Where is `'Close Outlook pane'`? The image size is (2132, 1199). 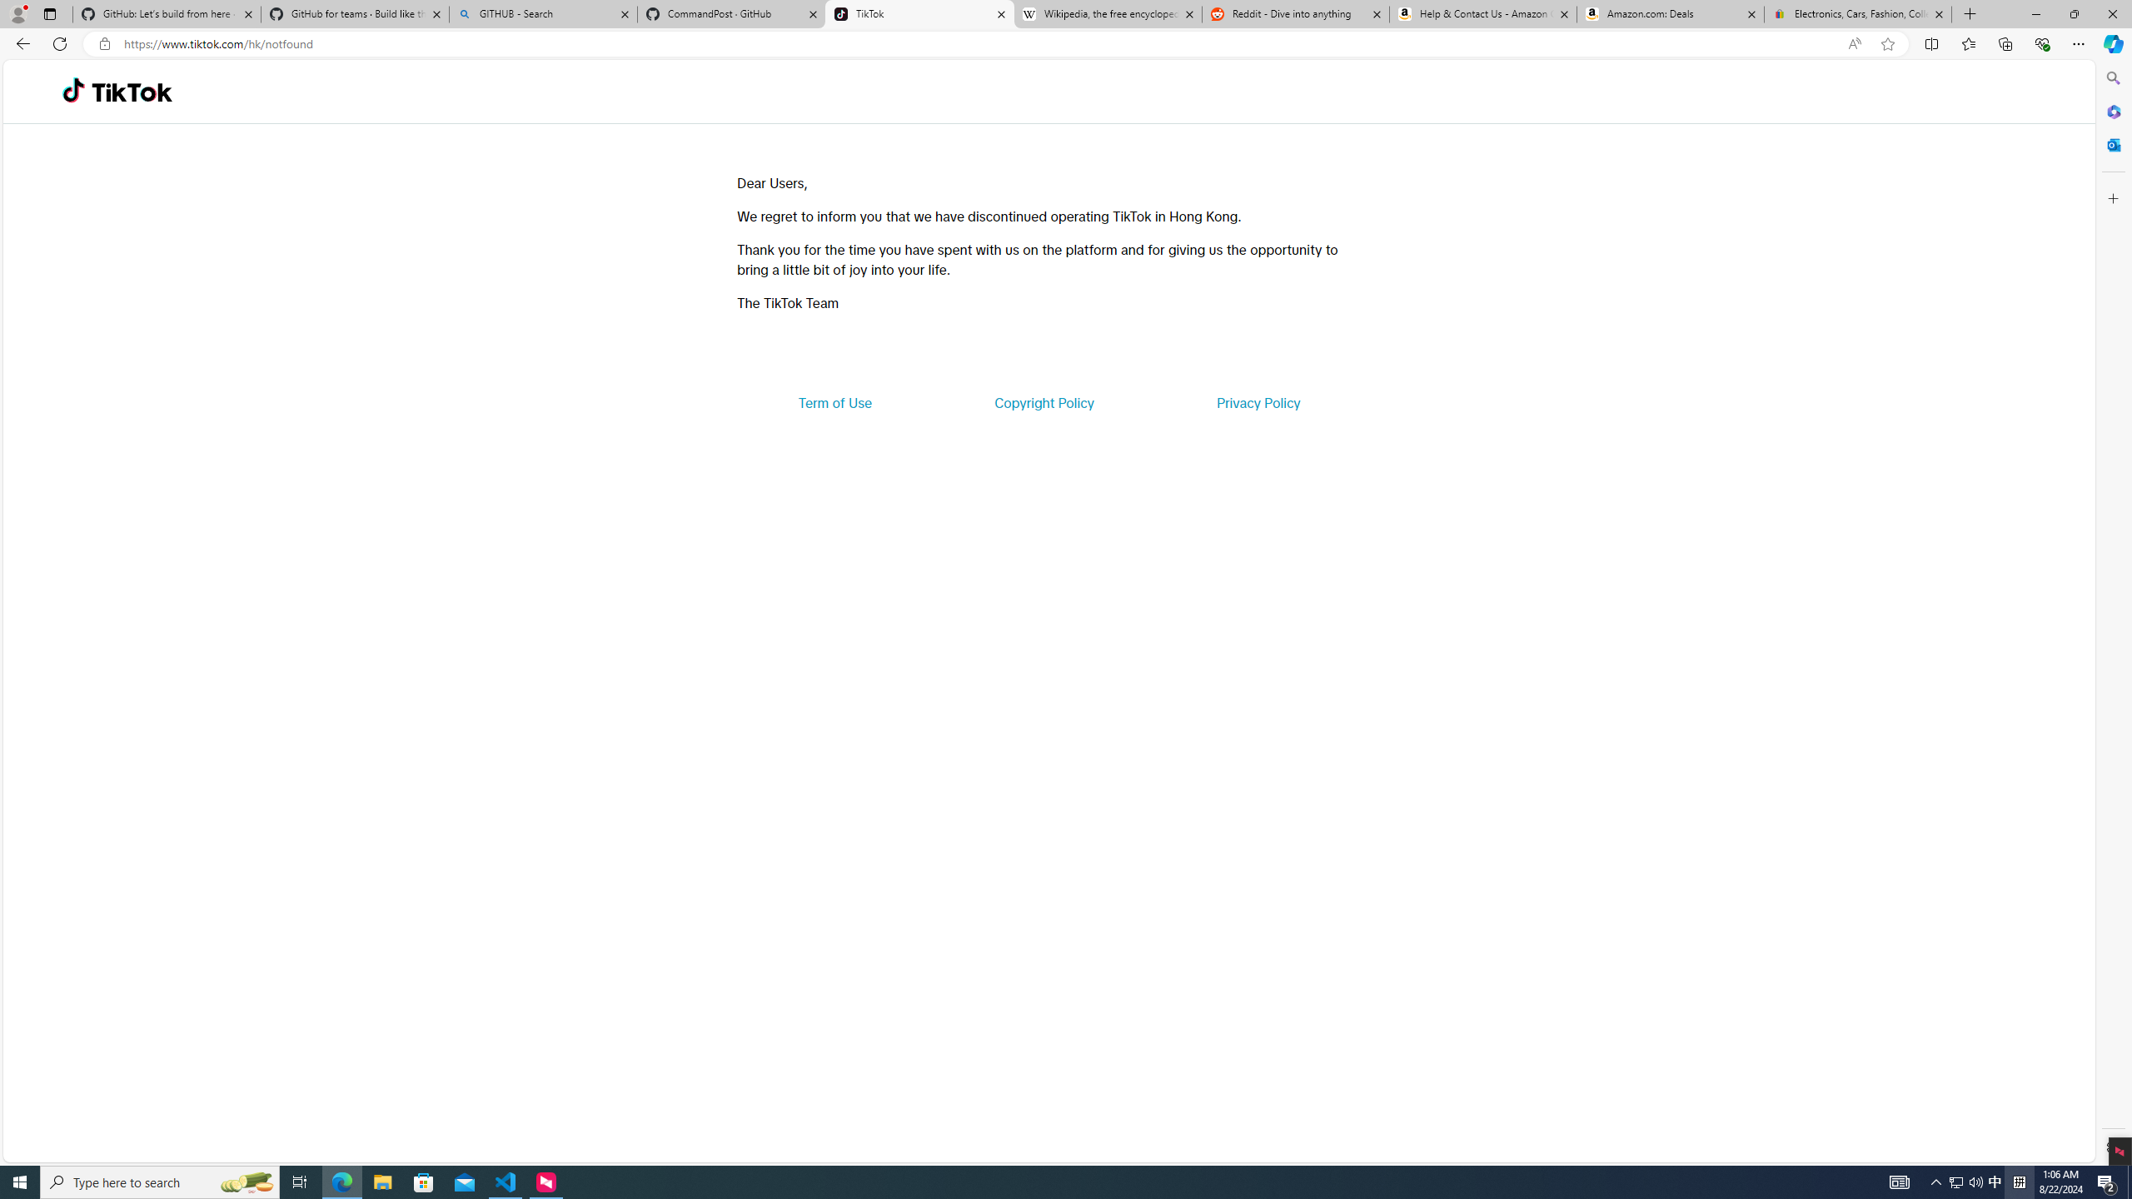 'Close Outlook pane' is located at coordinates (2111, 143).